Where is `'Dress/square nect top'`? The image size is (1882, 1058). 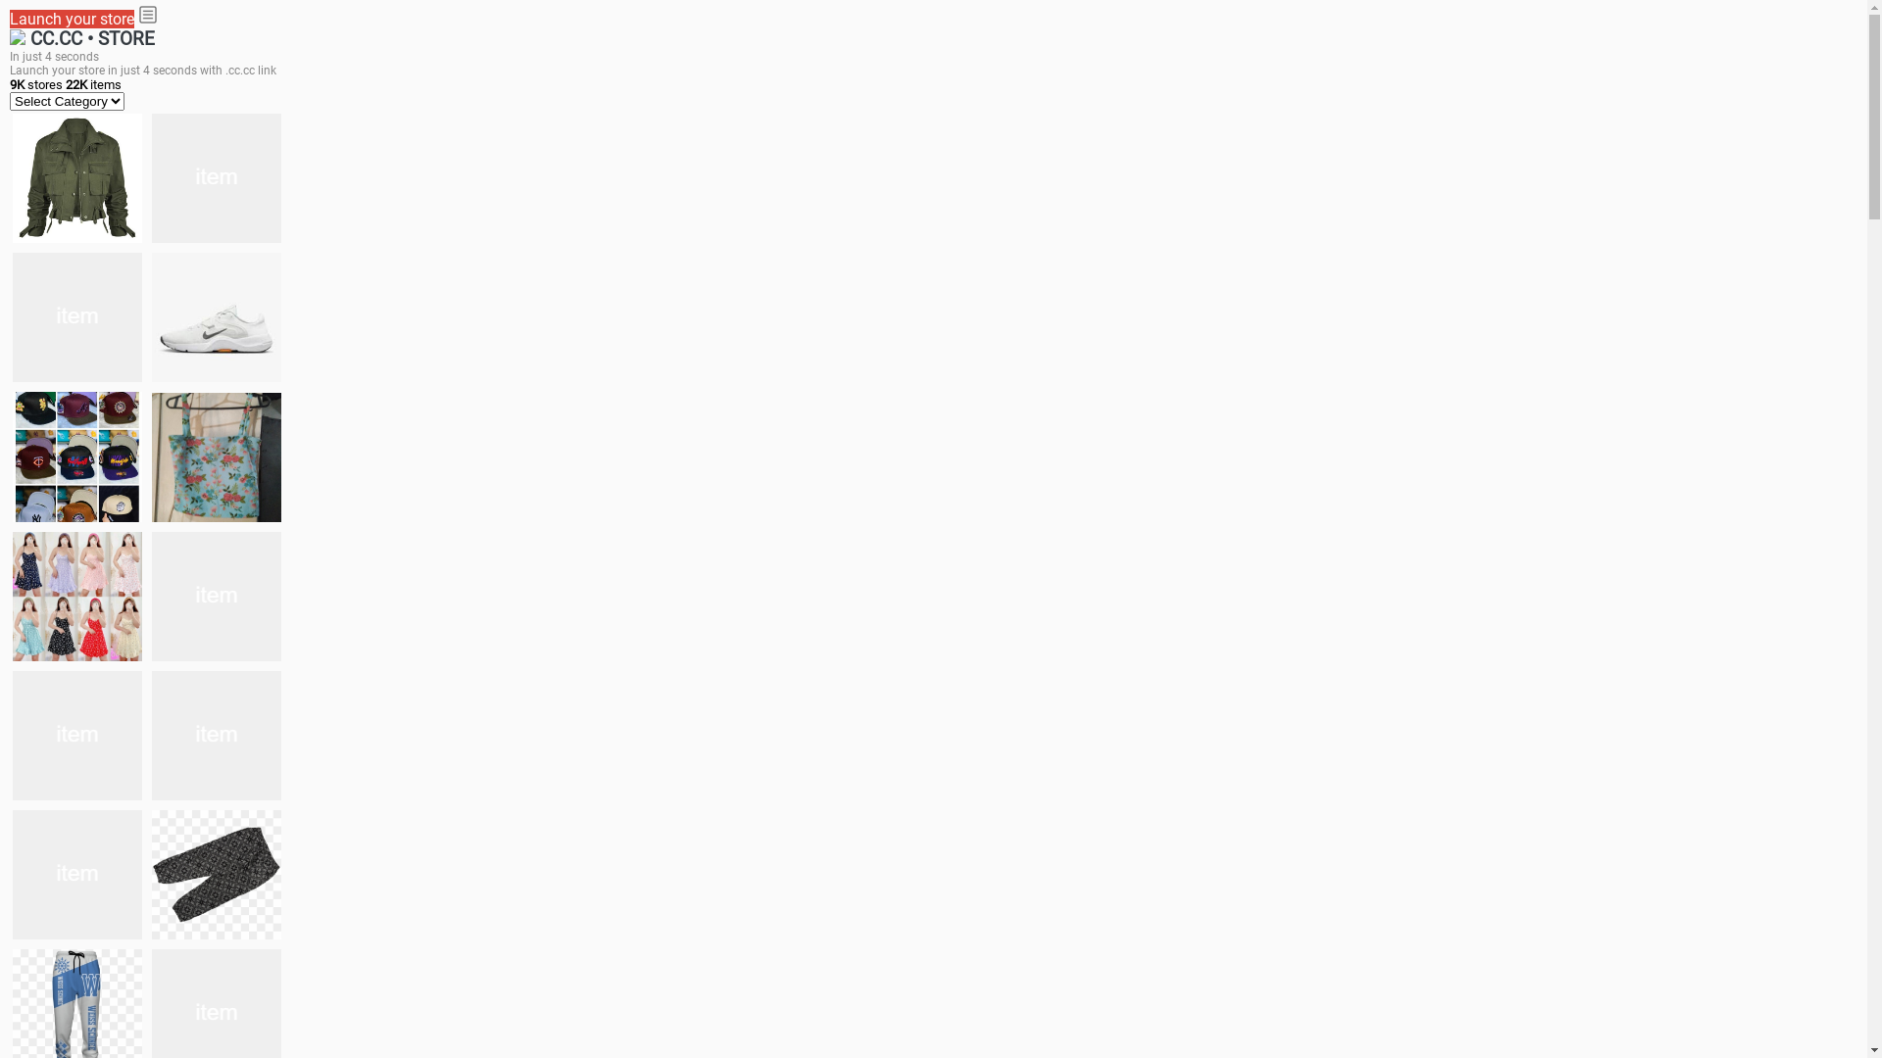
'Dress/square nect top' is located at coordinates (76, 595).